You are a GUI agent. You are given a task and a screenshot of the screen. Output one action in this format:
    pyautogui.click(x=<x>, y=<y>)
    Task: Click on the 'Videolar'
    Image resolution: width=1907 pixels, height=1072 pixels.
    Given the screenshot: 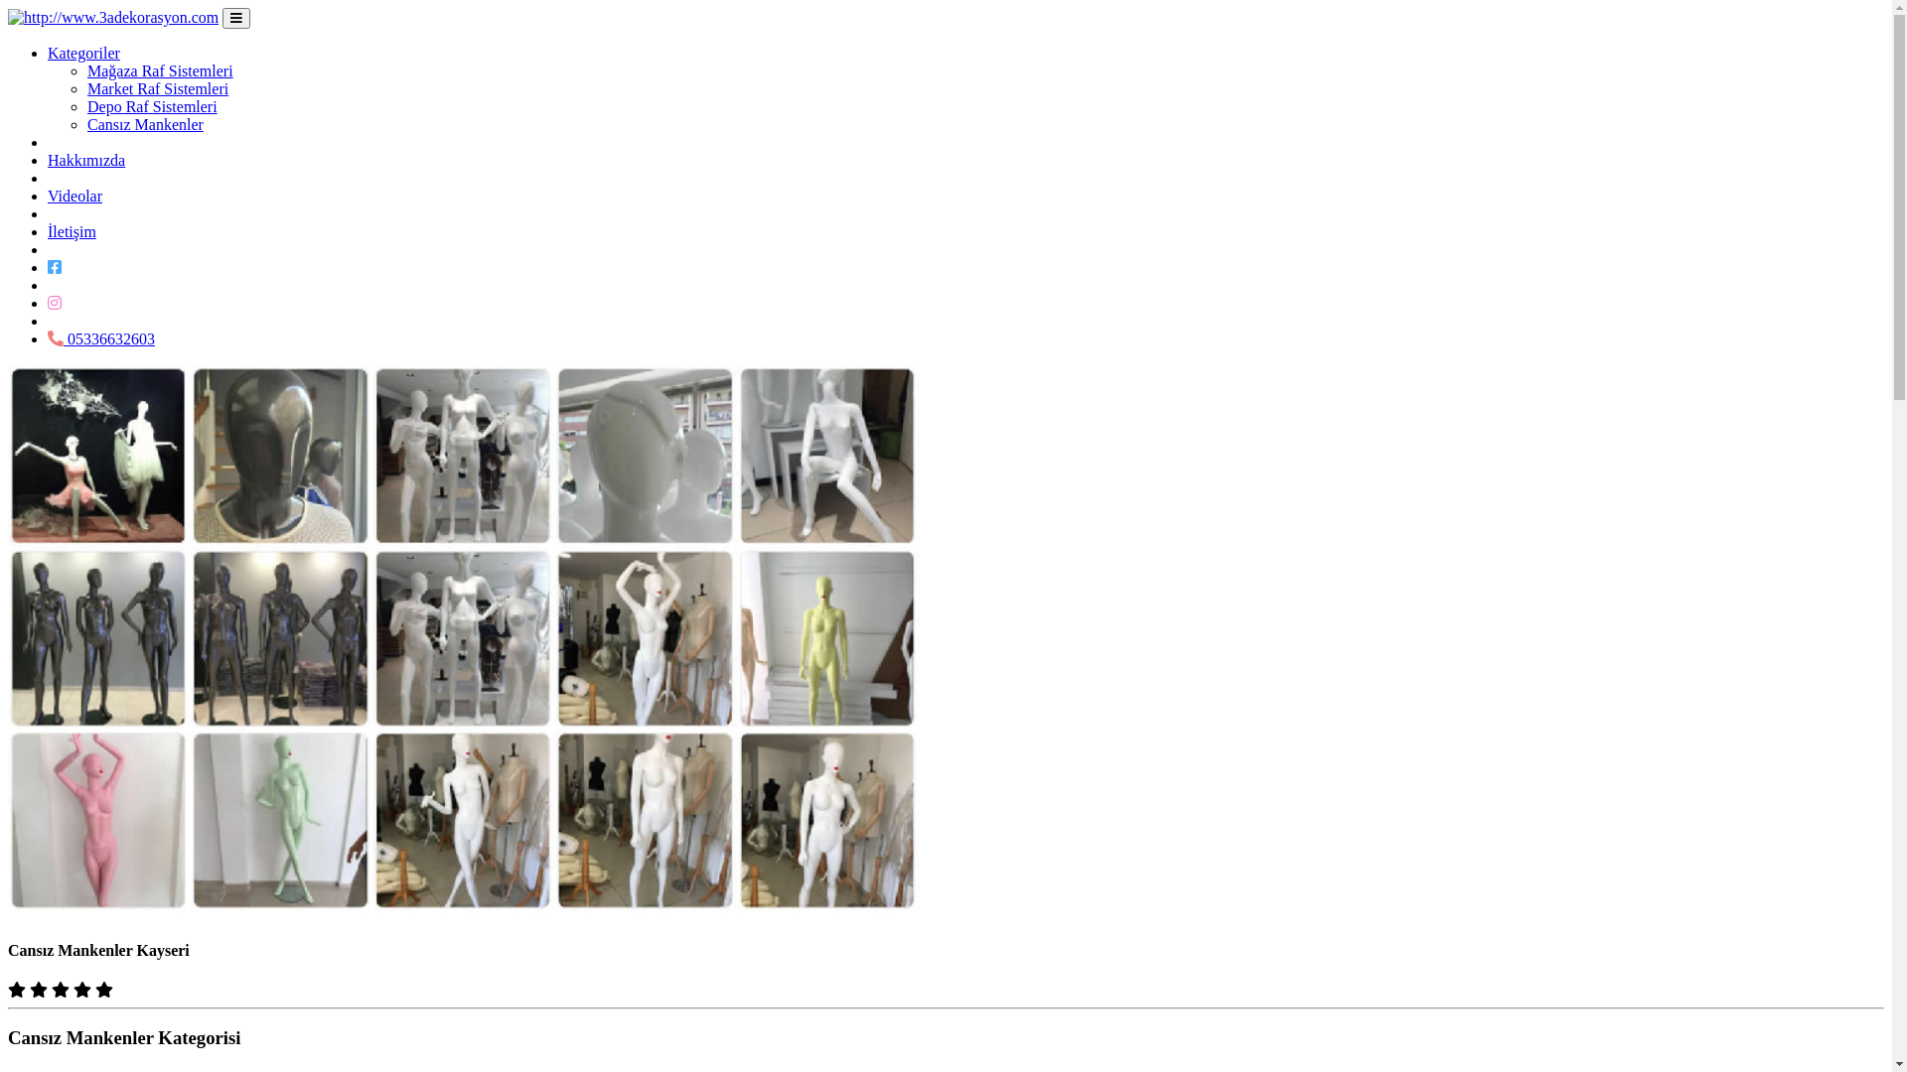 What is the action you would take?
    pyautogui.click(x=74, y=196)
    